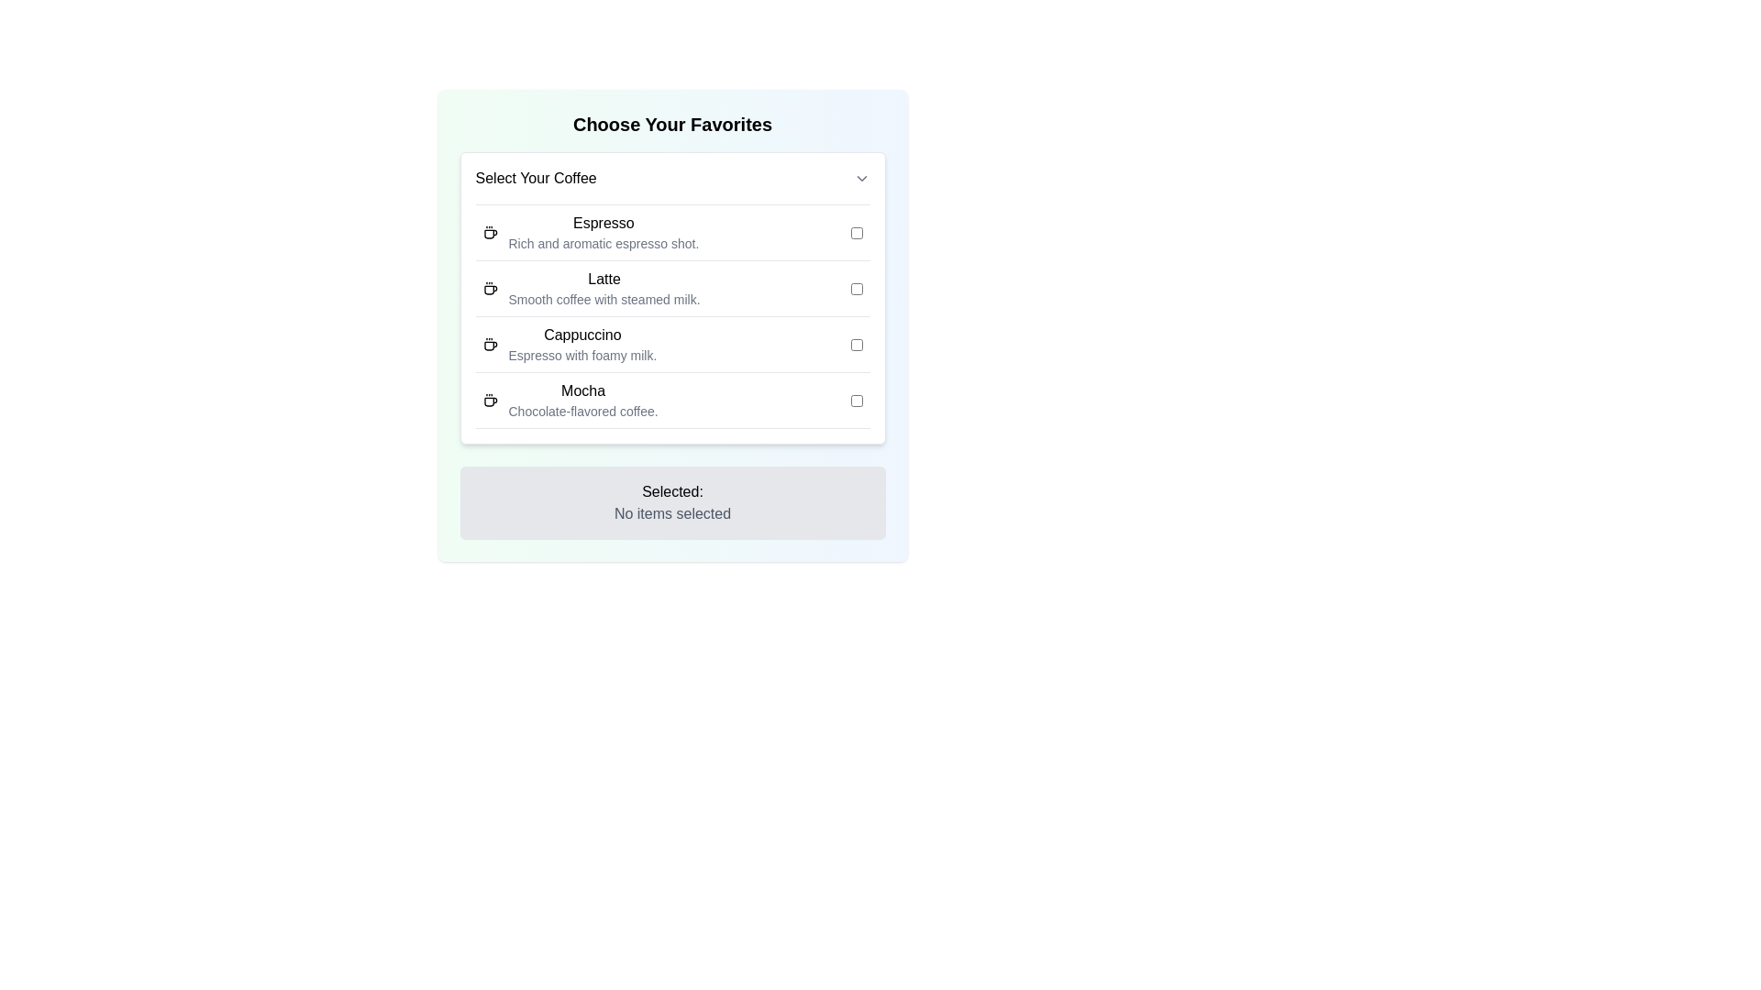 The image size is (1761, 990). What do you see at coordinates (535, 179) in the screenshot?
I see `the text label that serves` at bounding box center [535, 179].